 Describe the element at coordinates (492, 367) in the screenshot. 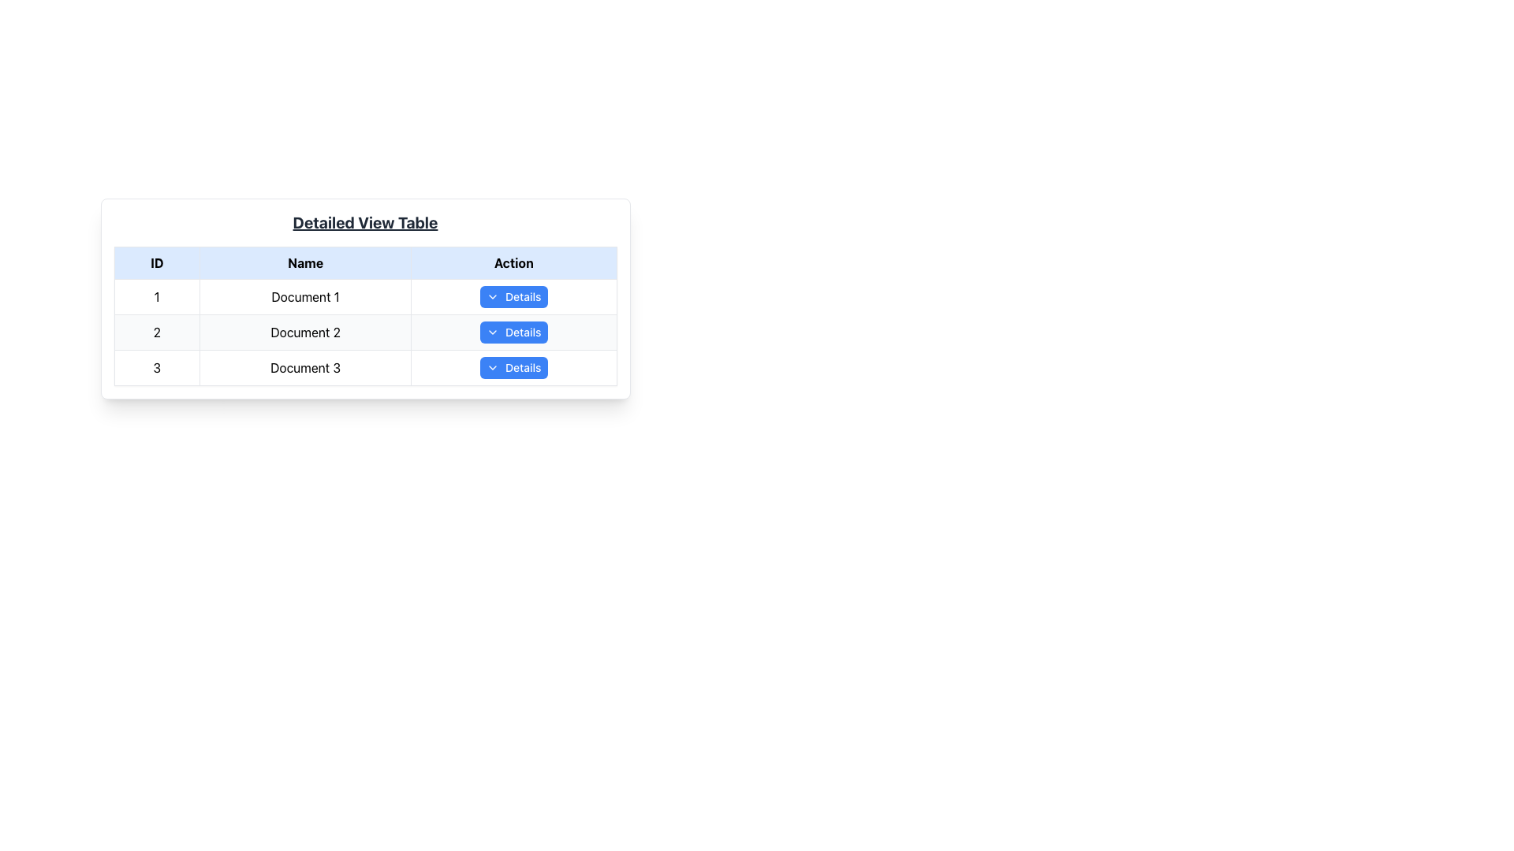

I see `the chevron/arrow icon that indicates a dropdown menu associated with the 'Details' button in the last row of the 'Detailed View Table'` at that location.